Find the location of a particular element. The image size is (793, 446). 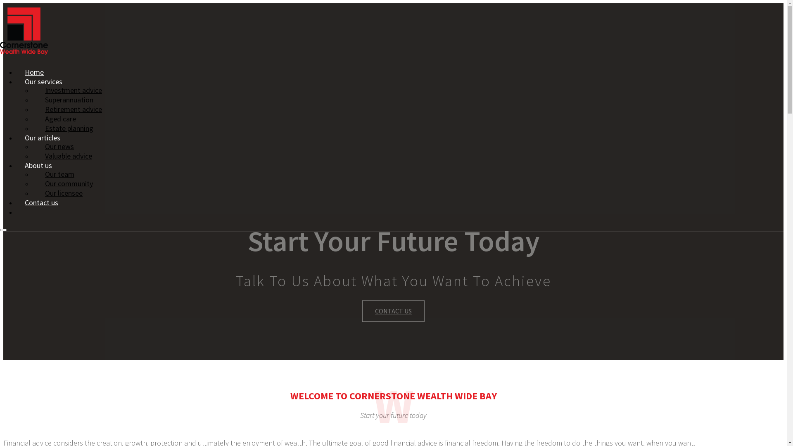

'About us' is located at coordinates (38, 165).